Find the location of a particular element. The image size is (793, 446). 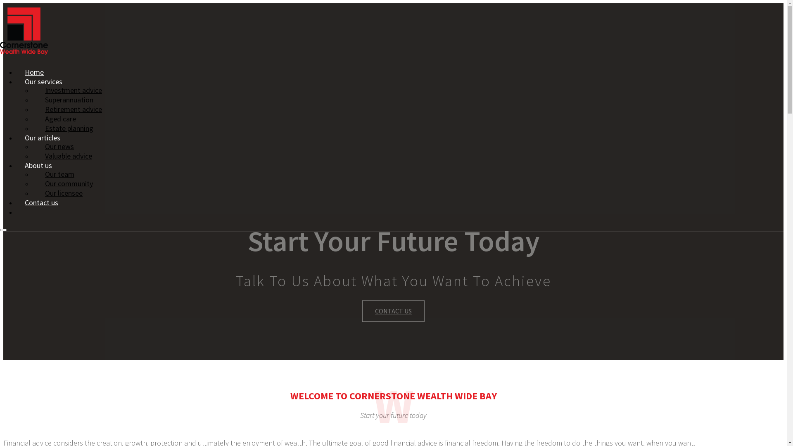

'About us' is located at coordinates (38, 165).